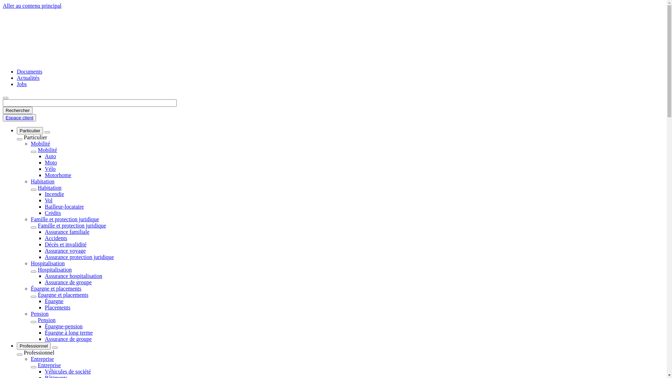  What do you see at coordinates (37, 320) in the screenshot?
I see `'Pension'` at bounding box center [37, 320].